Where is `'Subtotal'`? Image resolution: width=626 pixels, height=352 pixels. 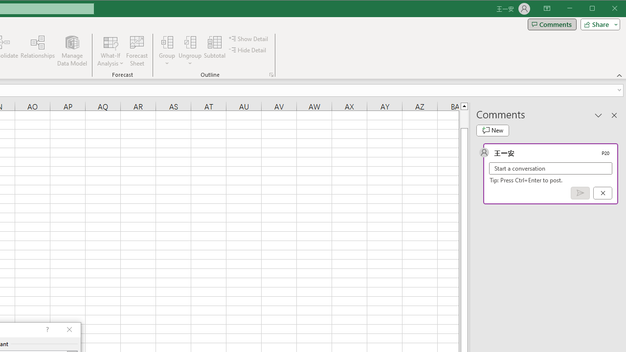 'Subtotal' is located at coordinates (214, 51).